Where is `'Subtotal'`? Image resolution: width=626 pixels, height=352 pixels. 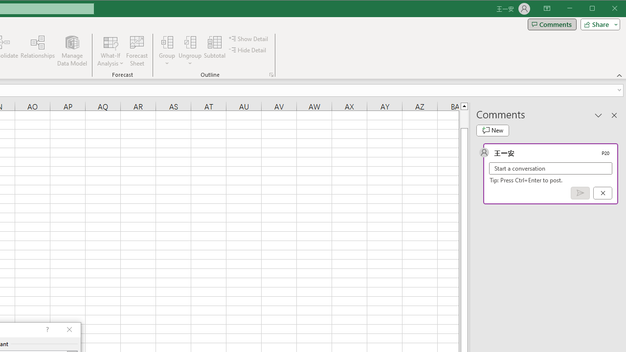 'Subtotal' is located at coordinates (214, 51).